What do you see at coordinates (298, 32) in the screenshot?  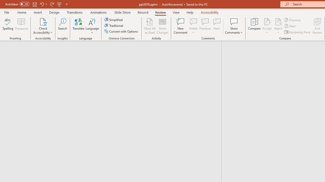 I see `'Reviewing Pane'` at bounding box center [298, 32].